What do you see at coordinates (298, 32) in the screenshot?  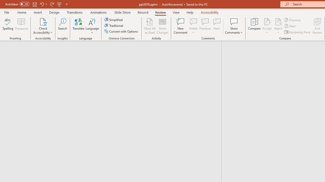 I see `'Reviewing Pane'` at bounding box center [298, 32].